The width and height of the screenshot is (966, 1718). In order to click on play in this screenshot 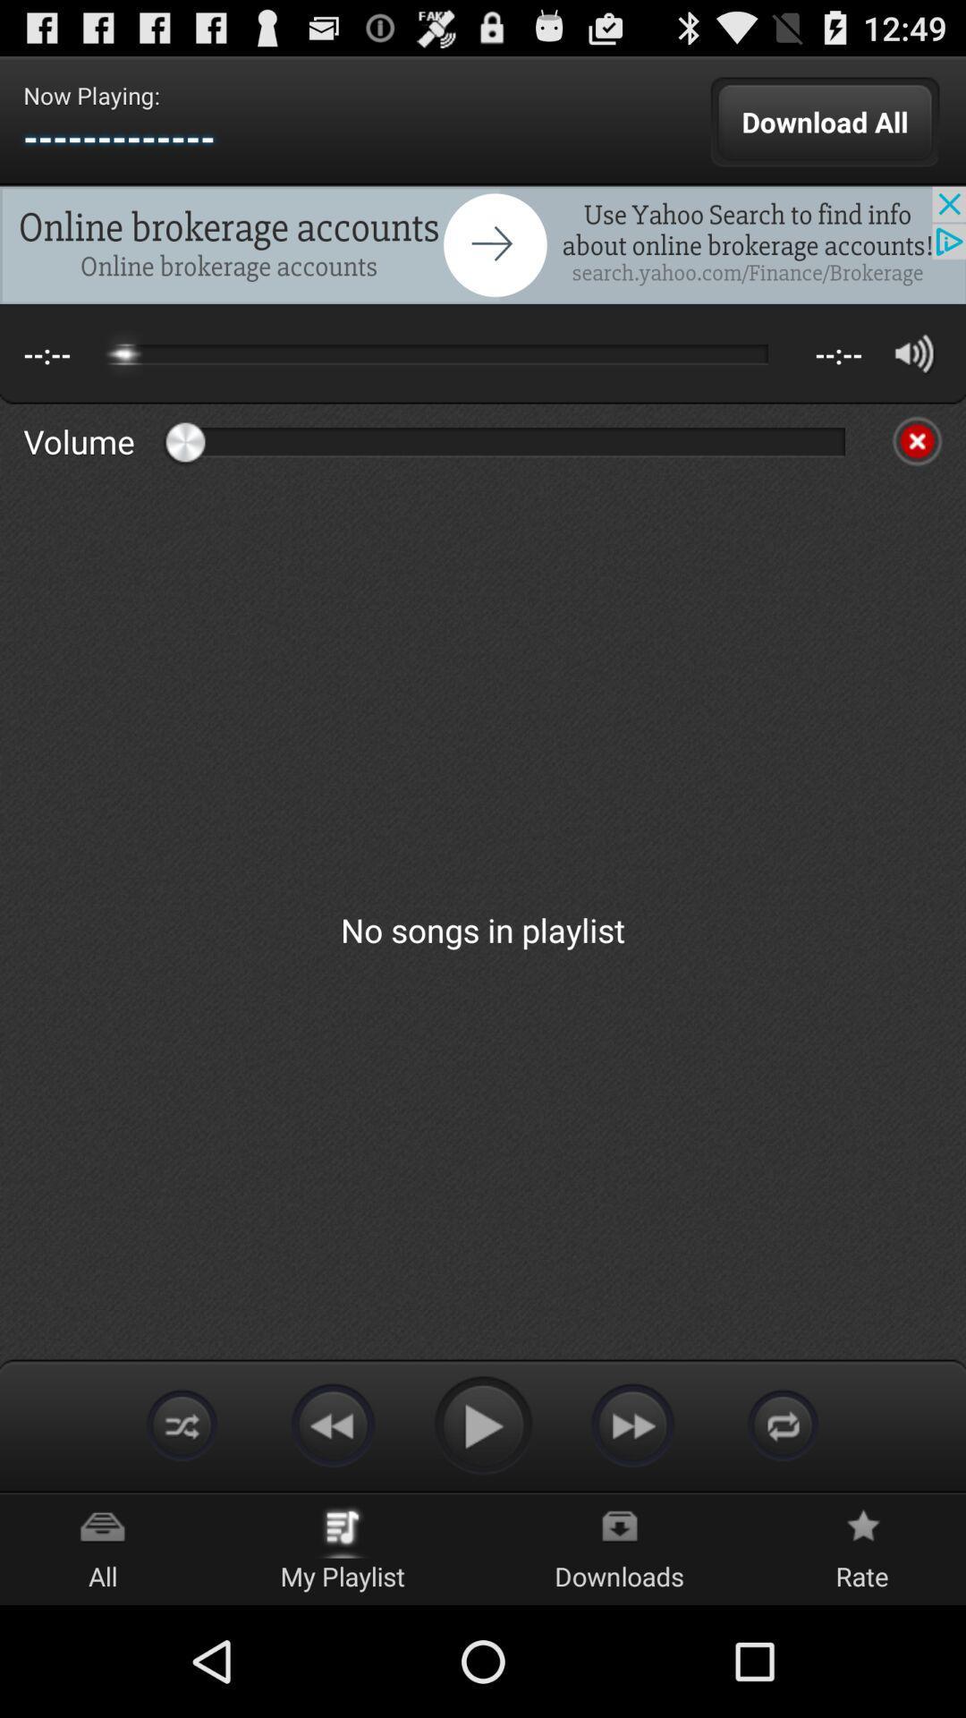, I will do `click(483, 1424)`.